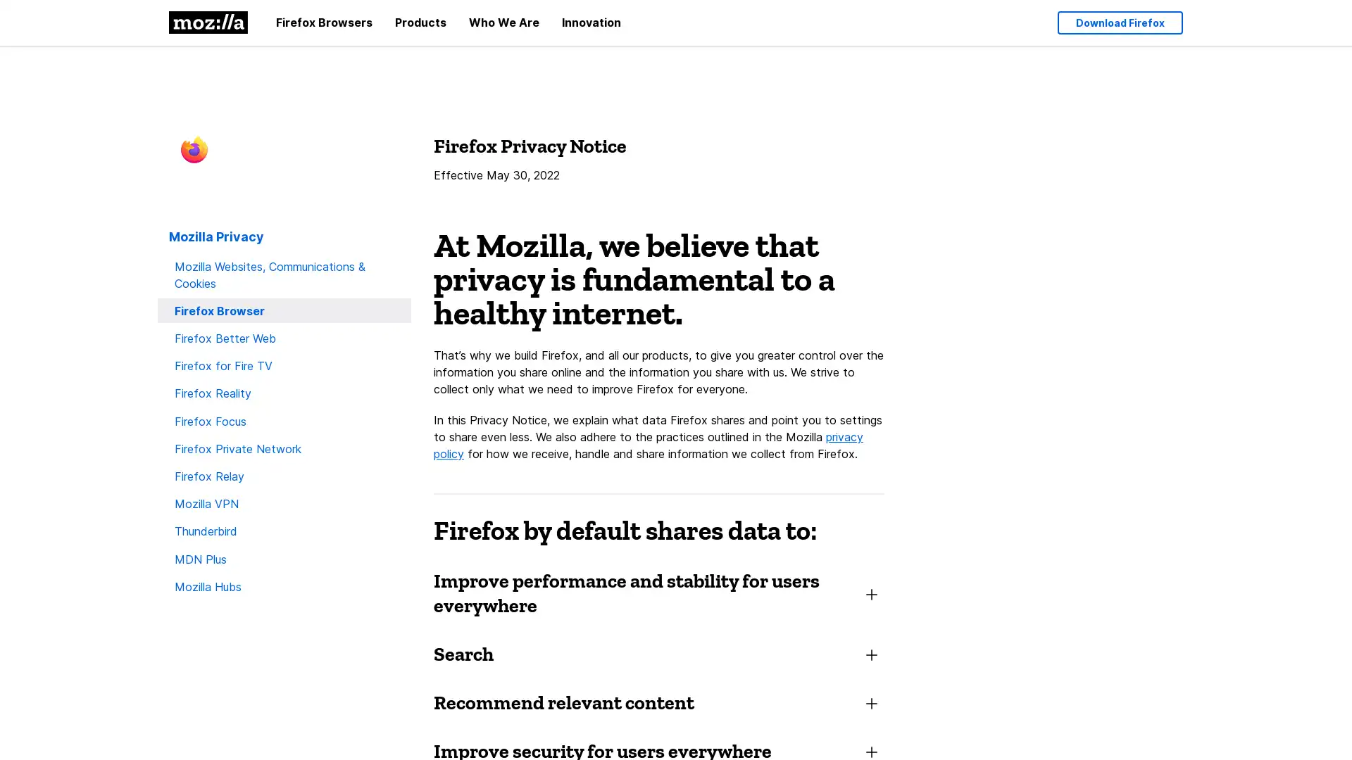 The image size is (1352, 760). Describe the element at coordinates (658, 592) in the screenshot. I see `Improve performance and stability for users everywhere` at that location.